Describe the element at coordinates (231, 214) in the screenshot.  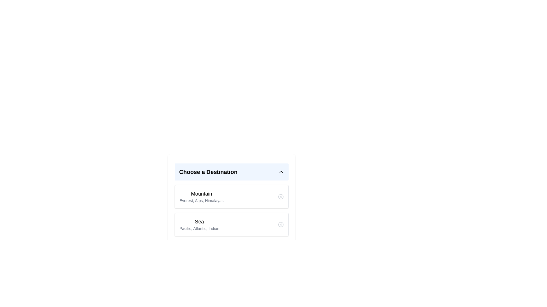
I see `the second selectable list item titled 'Sea' with the subtitle 'Pacific, Atlantic, Indian'` at that location.